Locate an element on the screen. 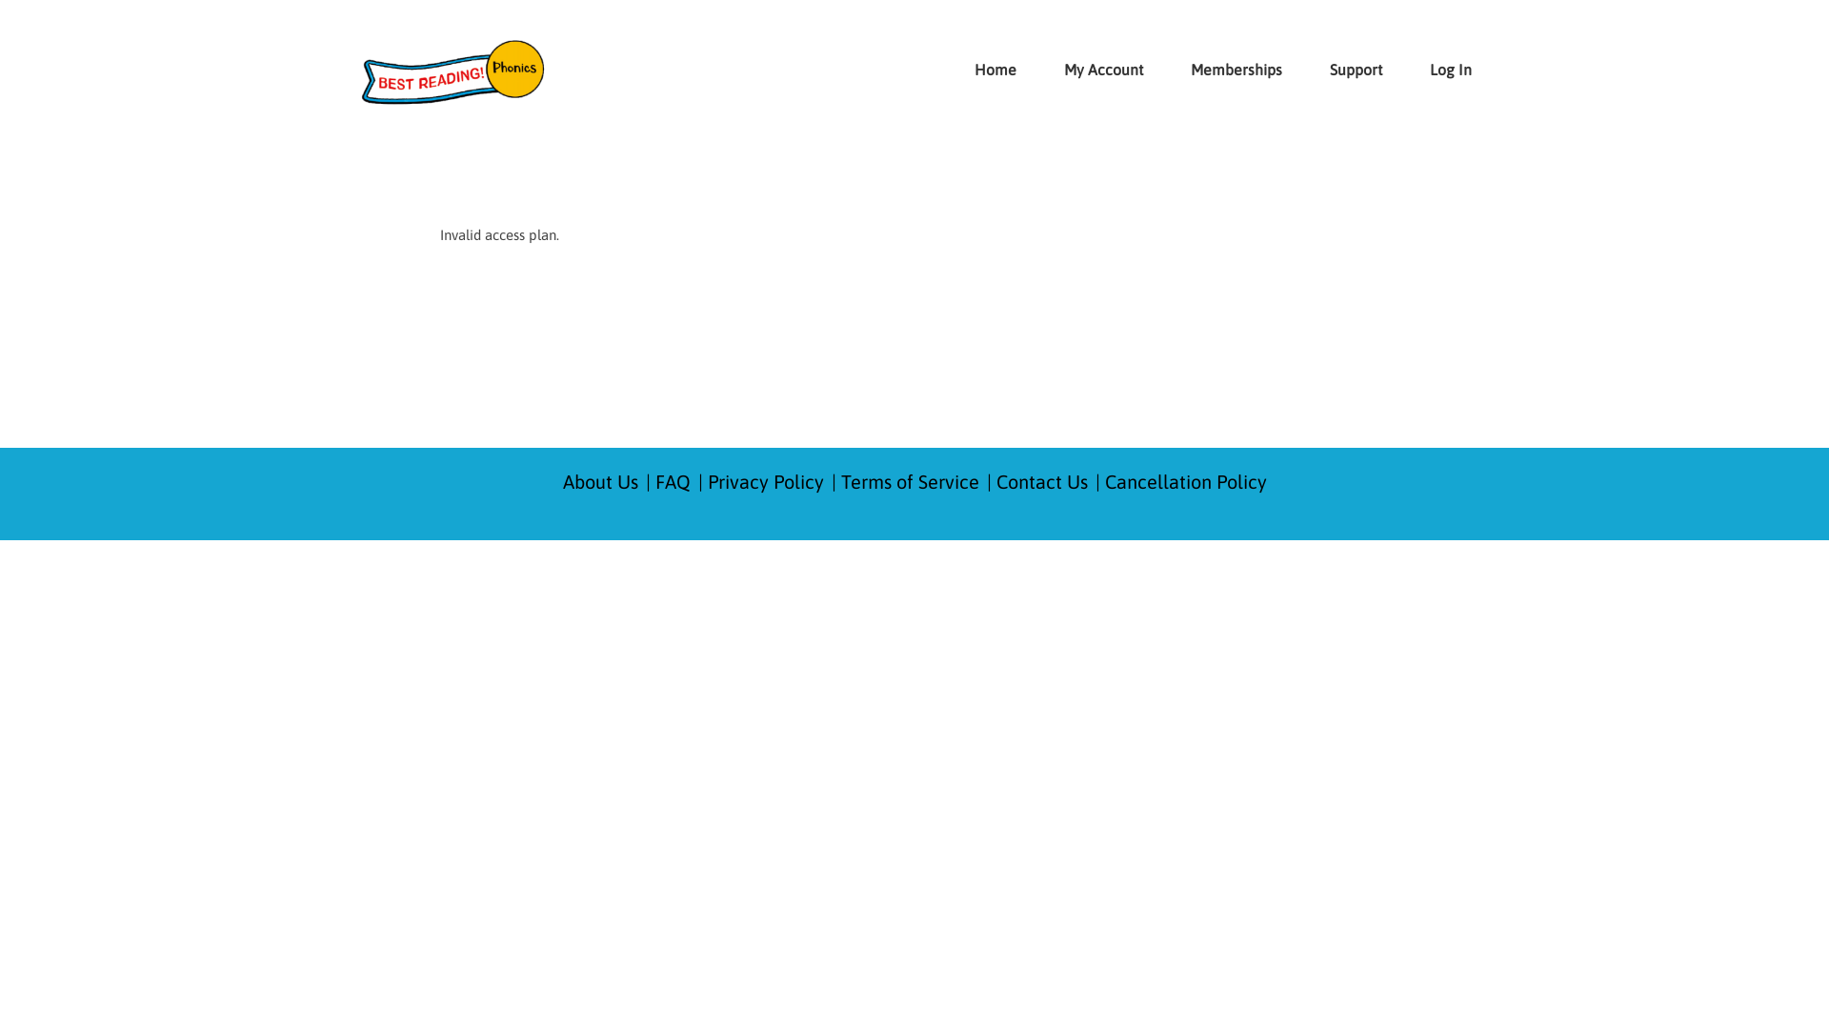 The image size is (1829, 1029). 'About Us' is located at coordinates (598, 480).